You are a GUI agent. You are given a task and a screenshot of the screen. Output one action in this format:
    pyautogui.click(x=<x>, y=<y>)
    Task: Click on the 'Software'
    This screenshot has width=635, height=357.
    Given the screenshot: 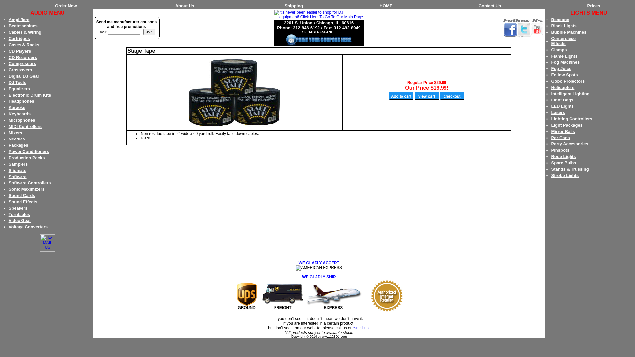 What is the action you would take?
    pyautogui.click(x=18, y=176)
    